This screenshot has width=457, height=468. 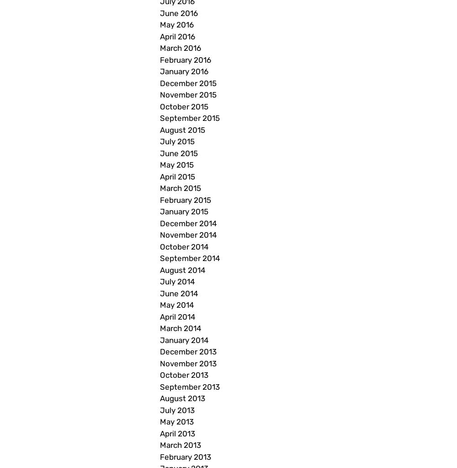 What do you see at coordinates (179, 293) in the screenshot?
I see `'June 2014'` at bounding box center [179, 293].